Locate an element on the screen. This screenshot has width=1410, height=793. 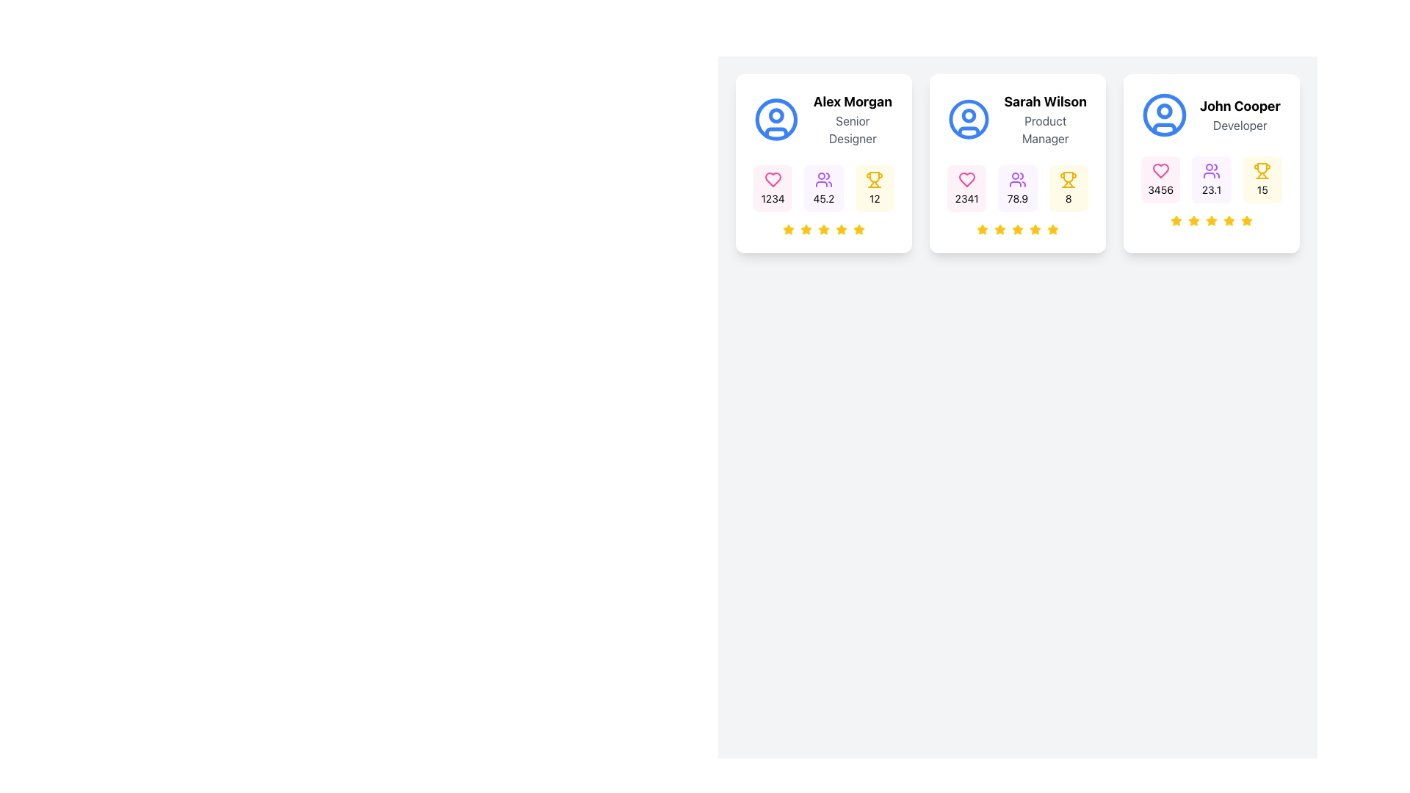
the SVG graphic representing the avatar icon for user 'John Cooper', located at the top-left corner of the card is located at coordinates (1163, 115).